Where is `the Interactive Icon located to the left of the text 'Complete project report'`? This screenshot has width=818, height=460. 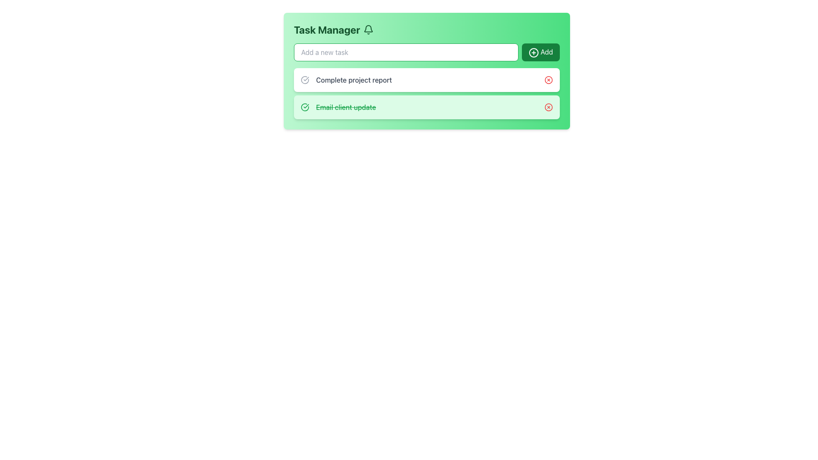
the Interactive Icon located to the left of the text 'Complete project report' is located at coordinates (305, 80).